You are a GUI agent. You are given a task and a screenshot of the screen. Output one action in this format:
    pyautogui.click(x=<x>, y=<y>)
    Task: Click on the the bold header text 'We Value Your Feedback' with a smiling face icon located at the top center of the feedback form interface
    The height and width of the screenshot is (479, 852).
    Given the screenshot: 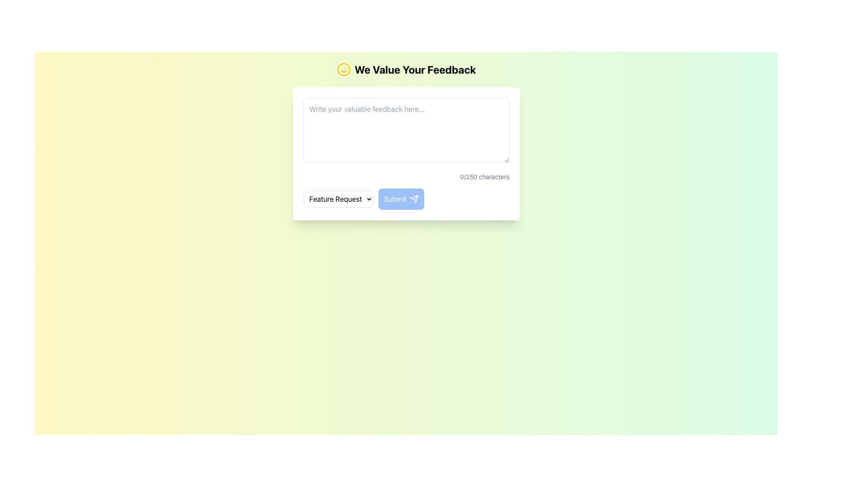 What is the action you would take?
    pyautogui.click(x=406, y=69)
    